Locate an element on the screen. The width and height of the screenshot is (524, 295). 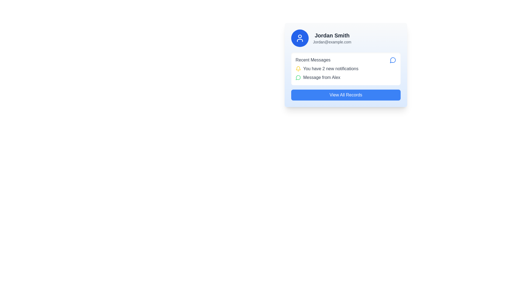
the chat/message icon located to the left of the text 'Message from Alex' within the 'Recent Messages' notification entry is located at coordinates (298, 78).